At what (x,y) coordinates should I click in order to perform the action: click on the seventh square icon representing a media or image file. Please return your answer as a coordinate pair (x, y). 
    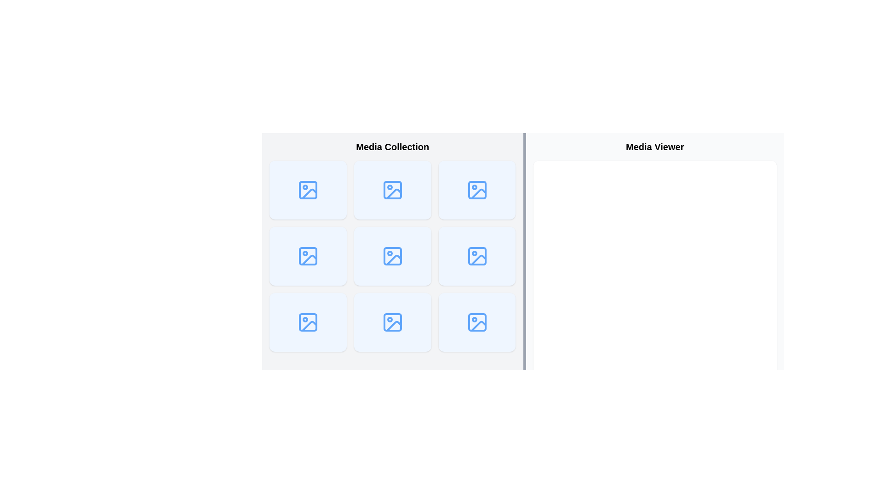
    Looking at the image, I should click on (308, 322).